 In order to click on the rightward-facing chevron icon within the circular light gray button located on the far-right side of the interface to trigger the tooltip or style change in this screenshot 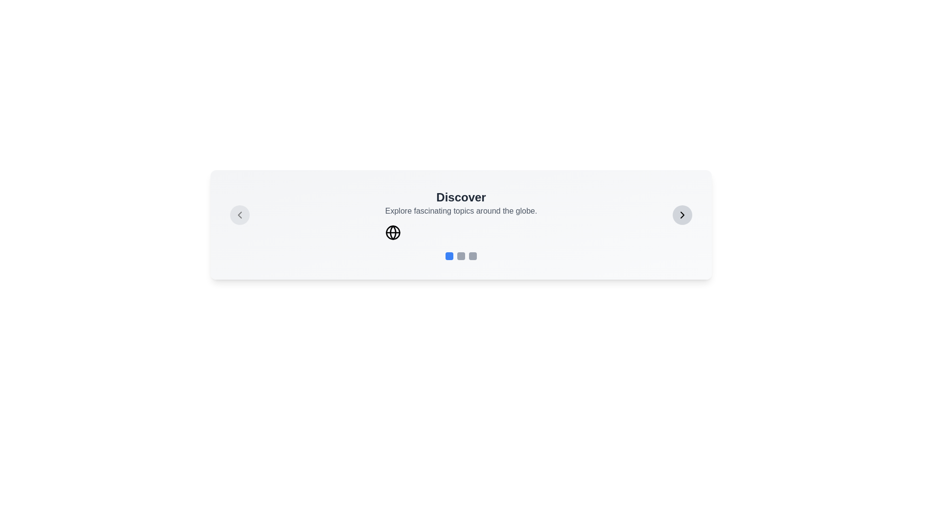, I will do `click(681, 214)`.